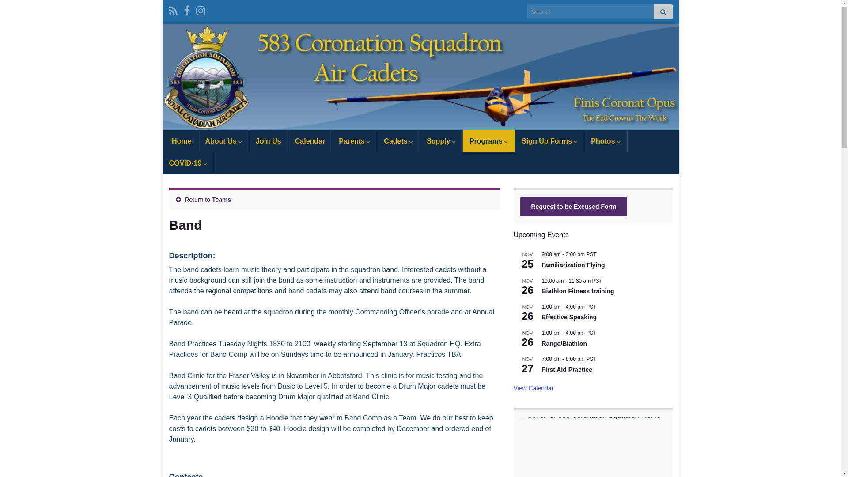 The width and height of the screenshot is (848, 477). What do you see at coordinates (183, 9) in the screenshot?
I see `'Facebook'` at bounding box center [183, 9].